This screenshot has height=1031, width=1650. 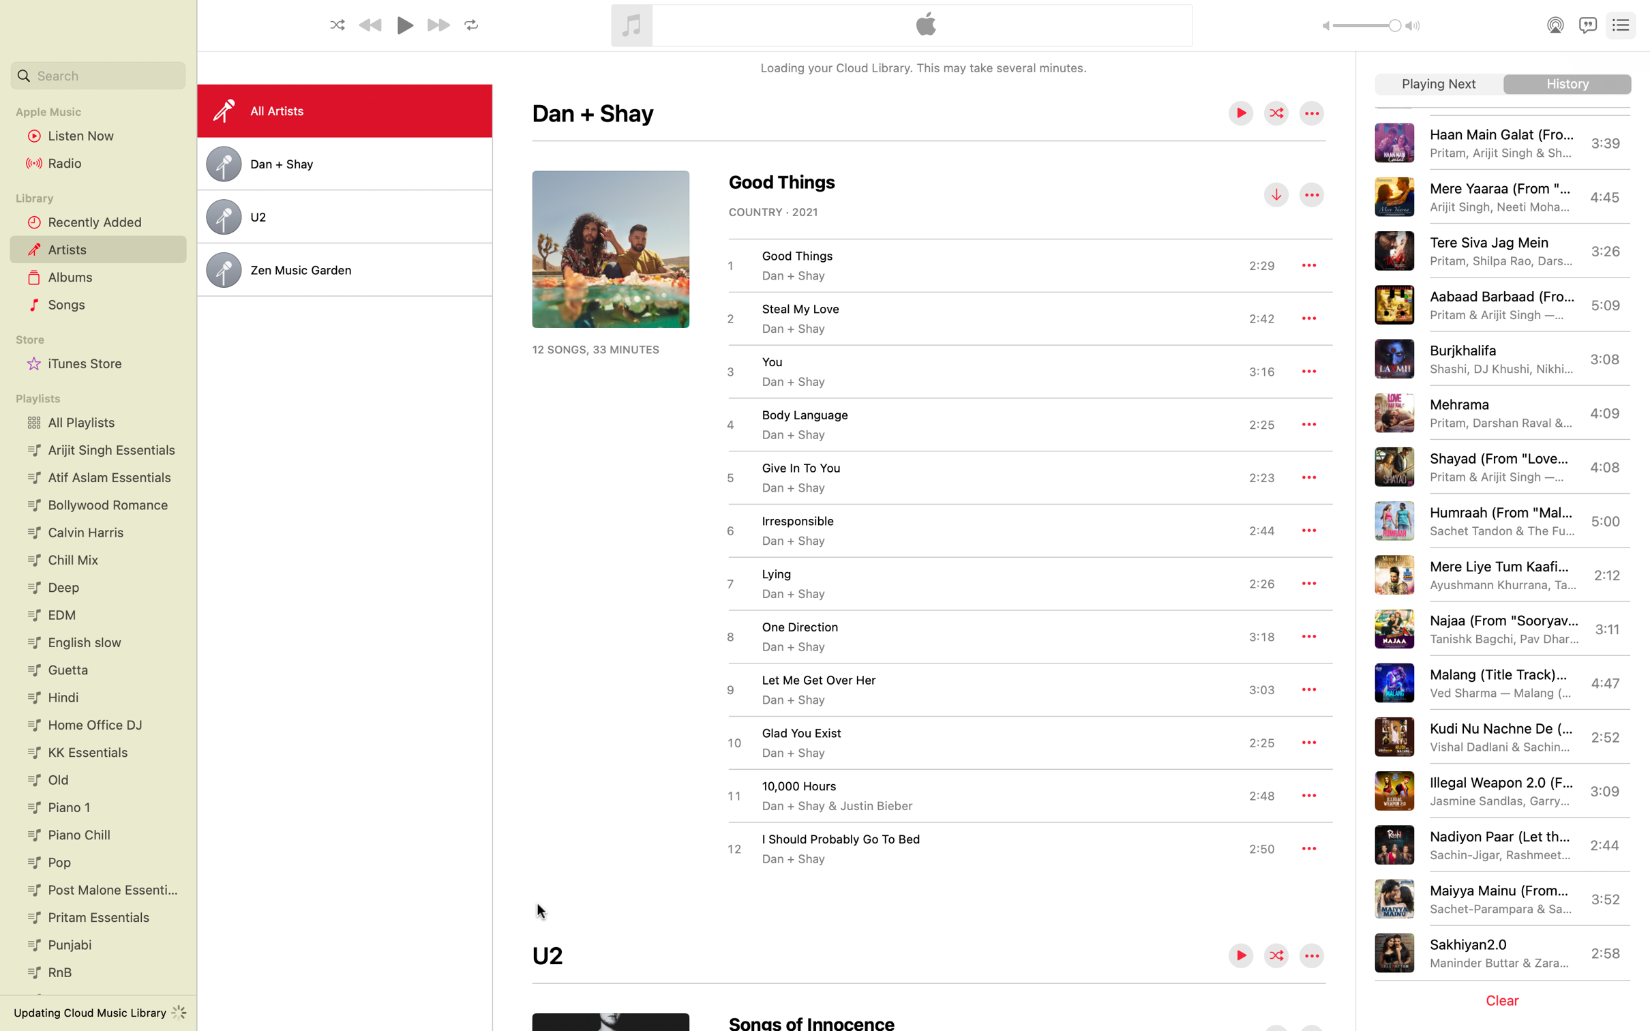 I want to click on Move to the next tune in the queue, so click(x=1439, y=85).